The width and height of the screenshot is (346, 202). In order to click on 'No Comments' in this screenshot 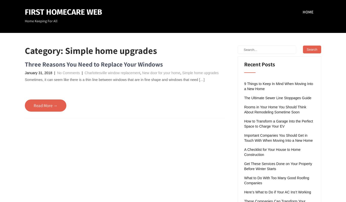, I will do `click(68, 72)`.